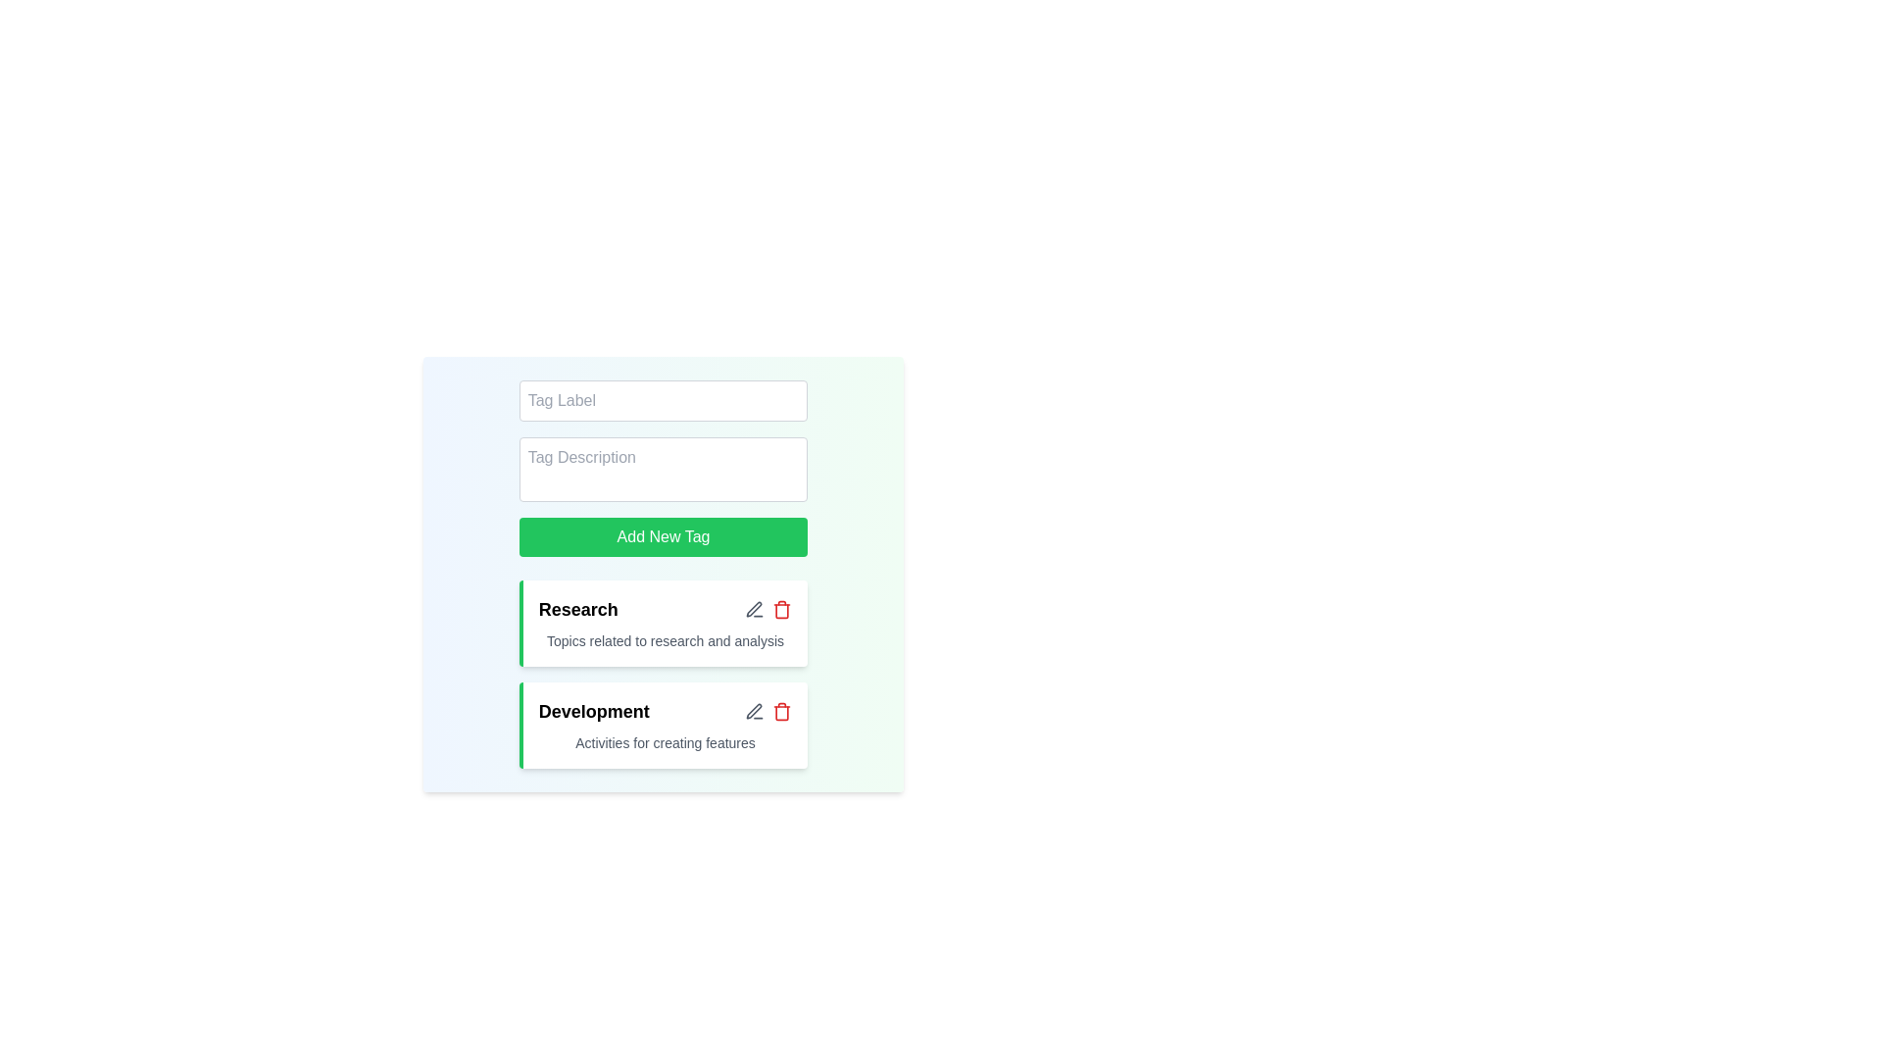 The image size is (1882, 1059). What do you see at coordinates (781, 713) in the screenshot?
I see `the trash icon located to the right of the 'Development' tag's title and below the 'Research' tag, which serves as a button for deleting or removing the related tag entry` at bounding box center [781, 713].